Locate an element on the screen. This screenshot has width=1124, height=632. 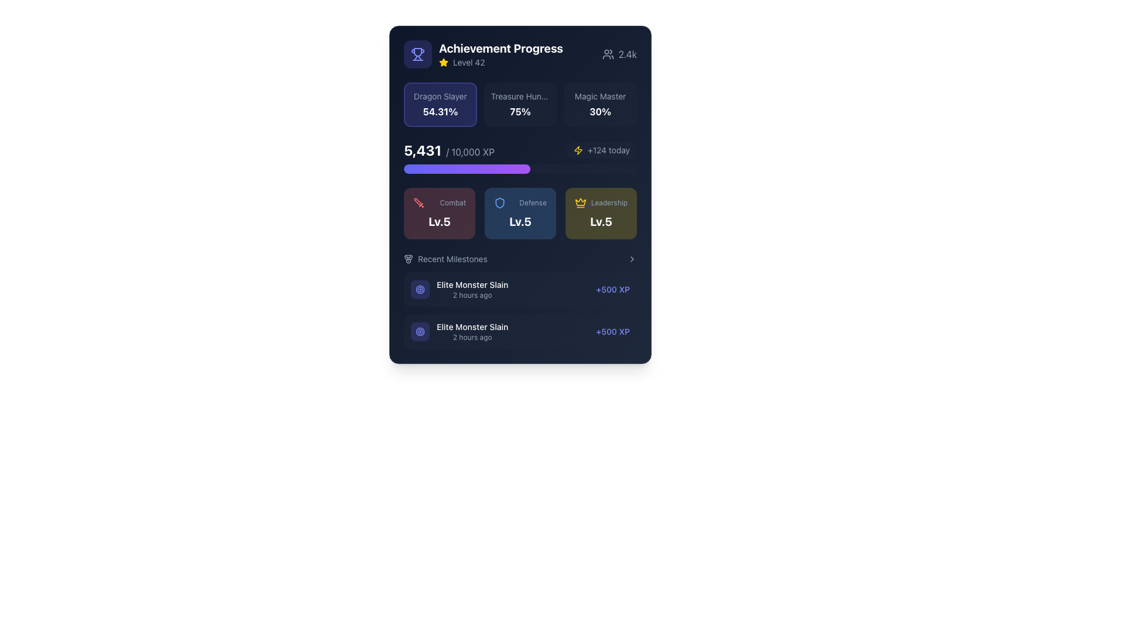
the milestone achievement icon representing 'Elite Monster Slain' located in the 'Recent Milestones' section with an indigo background is located at coordinates (420, 289).